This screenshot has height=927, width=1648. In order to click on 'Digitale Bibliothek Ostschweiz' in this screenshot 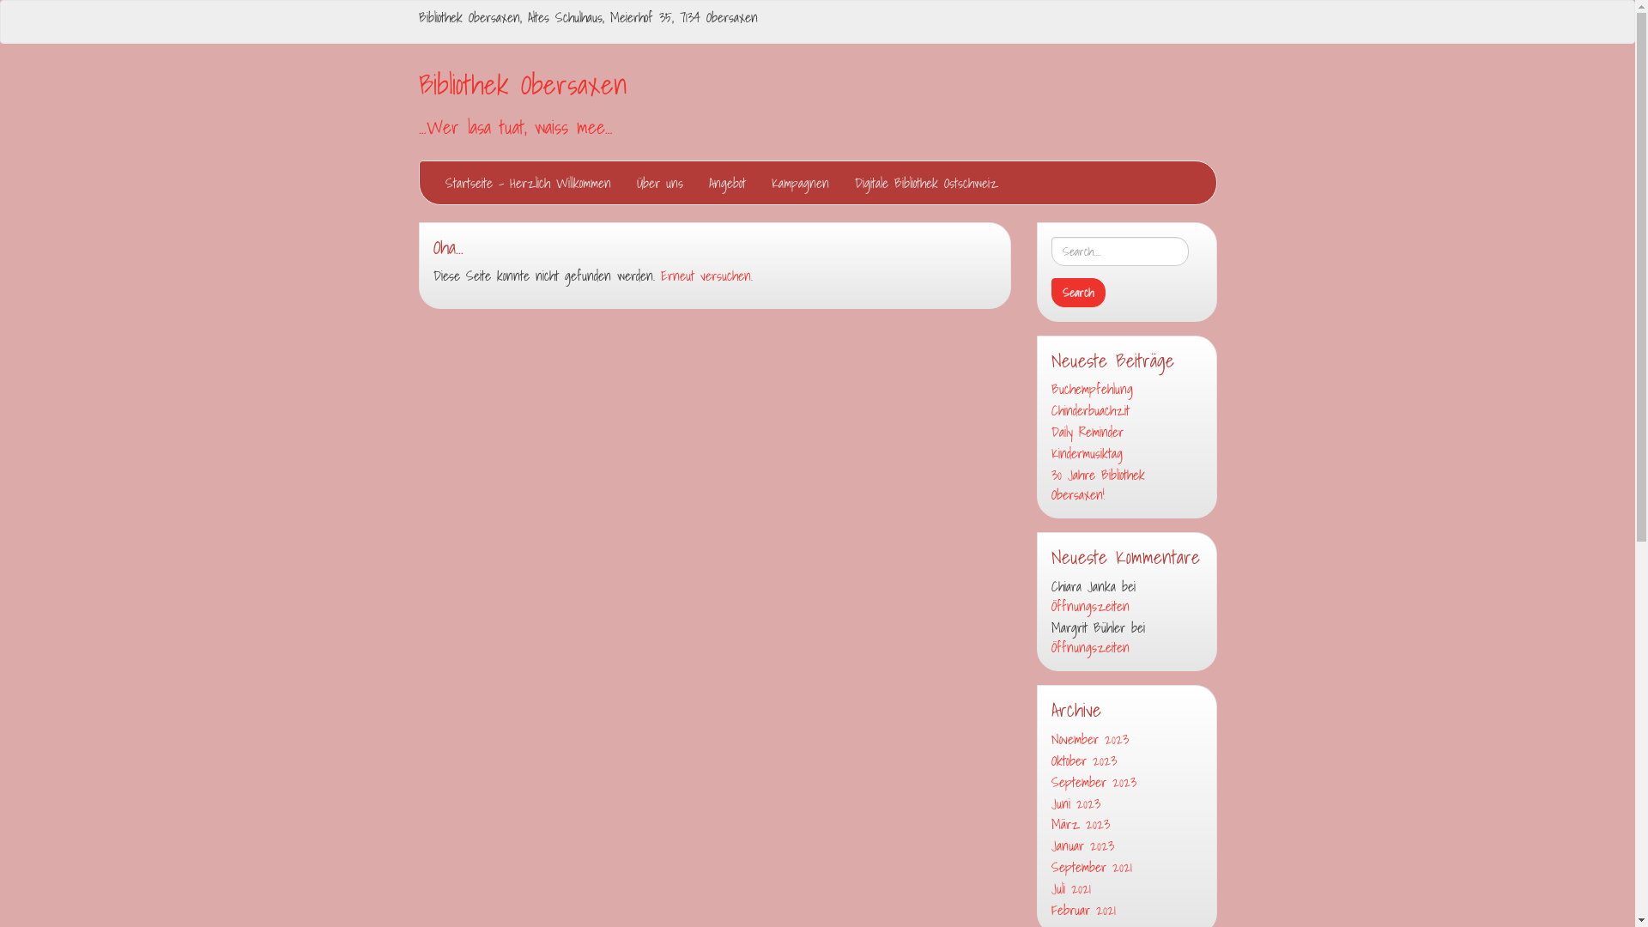, I will do `click(924, 182)`.